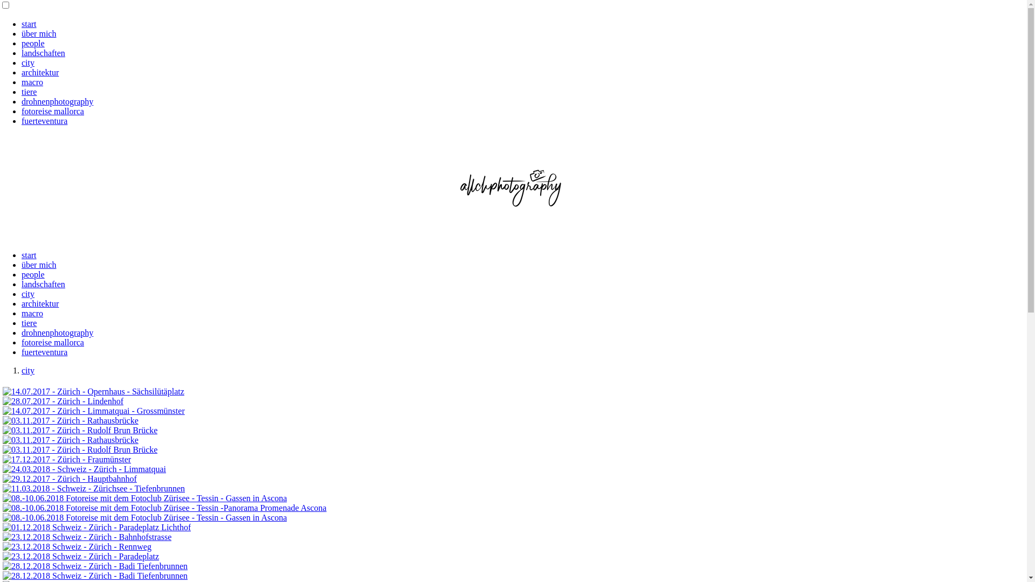 The width and height of the screenshot is (1035, 582). Describe the element at coordinates (21, 303) in the screenshot. I see `'architektur'` at that location.